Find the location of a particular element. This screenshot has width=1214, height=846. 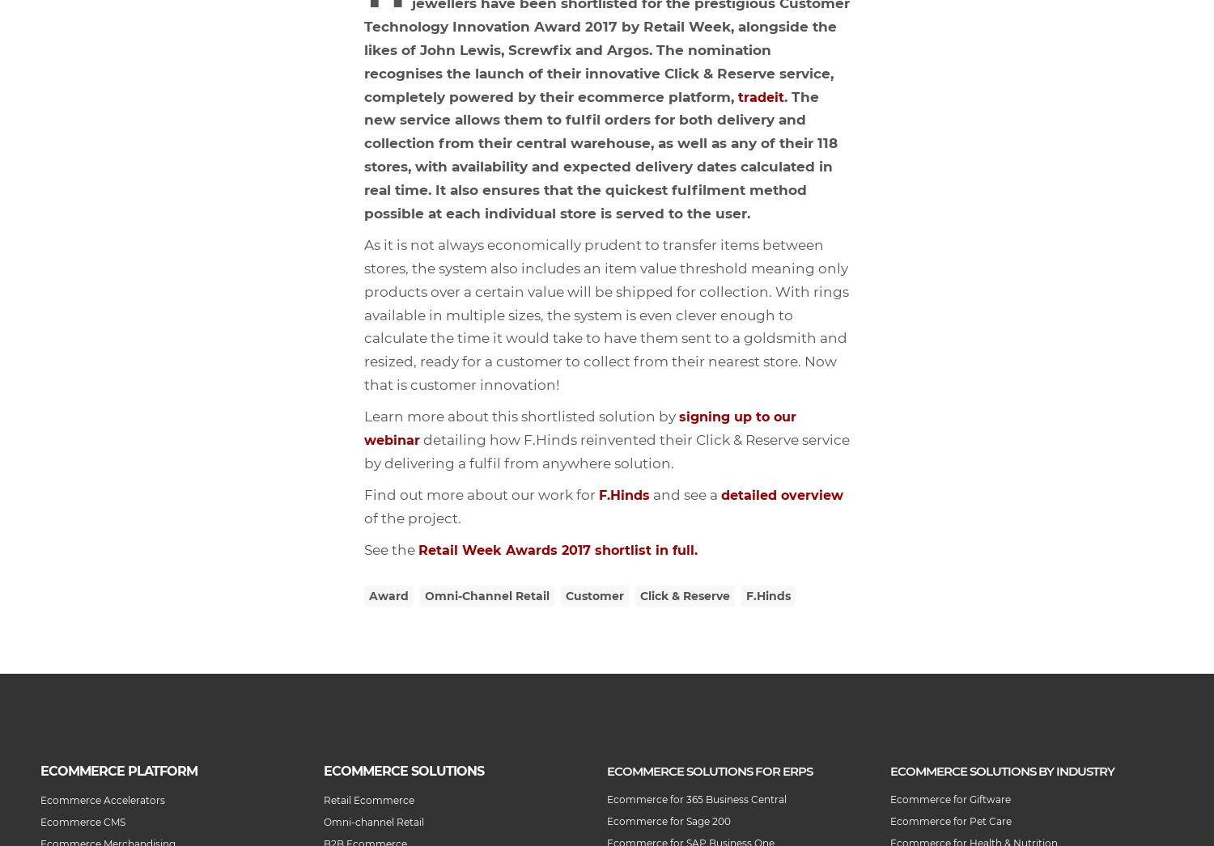

'Award' is located at coordinates (368, 595).